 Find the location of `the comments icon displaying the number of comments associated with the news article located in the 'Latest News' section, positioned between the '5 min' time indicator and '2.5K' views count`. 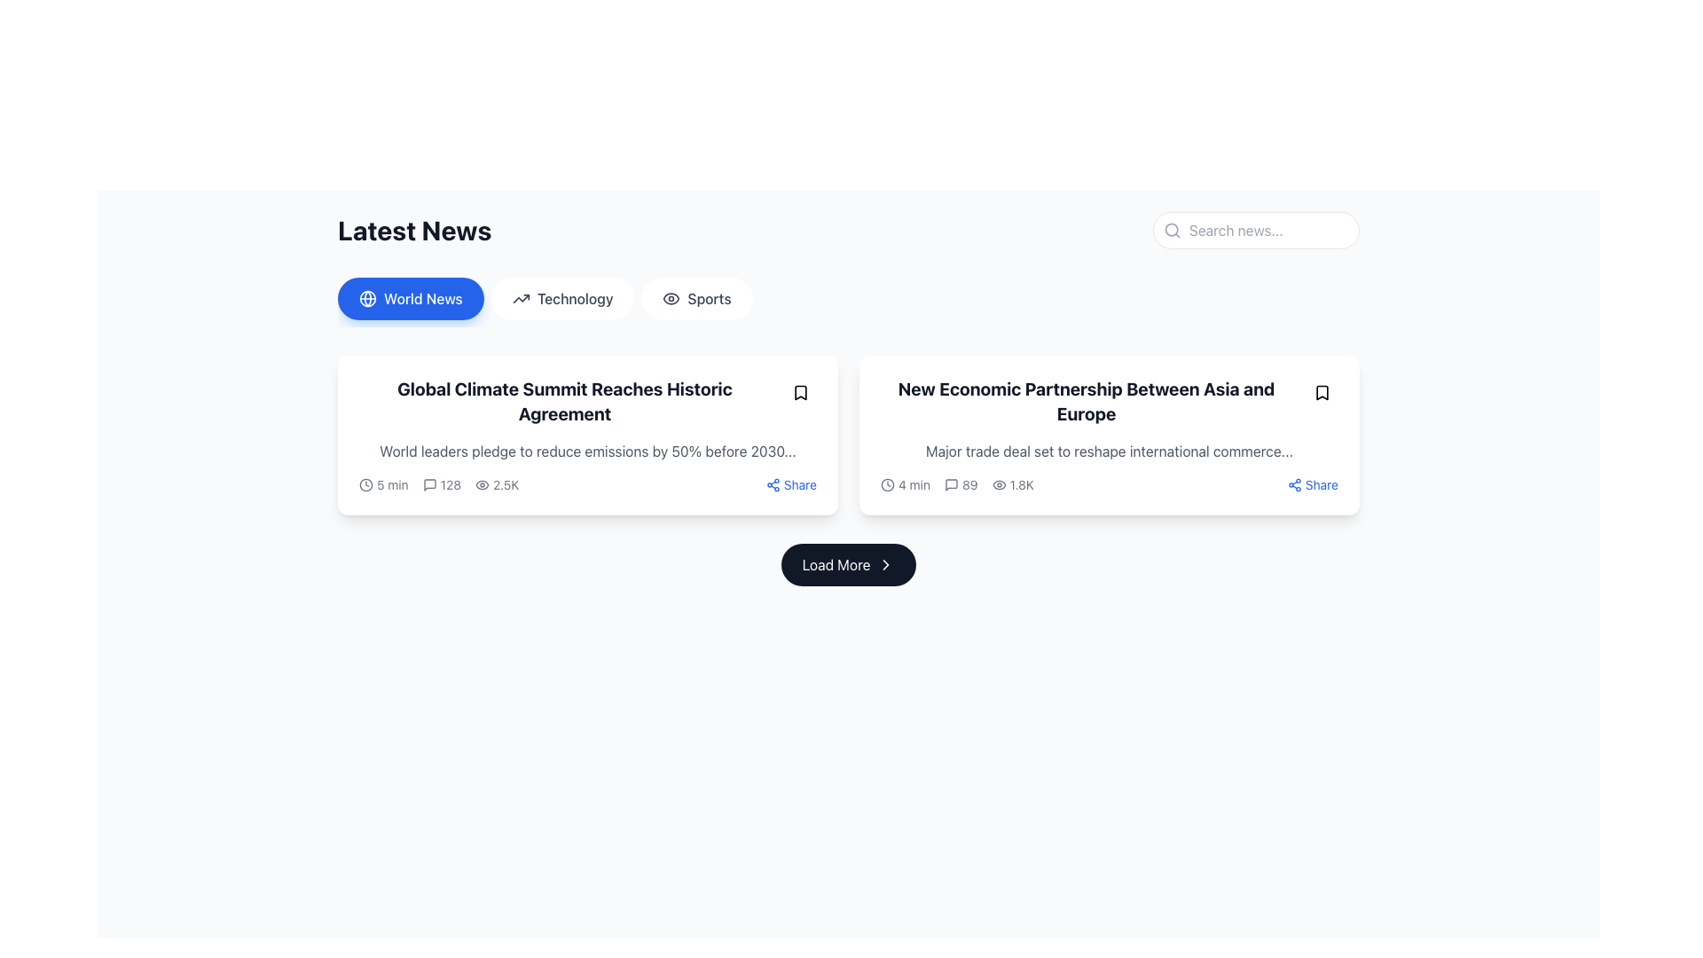

the comments icon displaying the number of comments associated with the news article located in the 'Latest News' section, positioned between the '5 min' time indicator and '2.5K' views count is located at coordinates (442, 485).